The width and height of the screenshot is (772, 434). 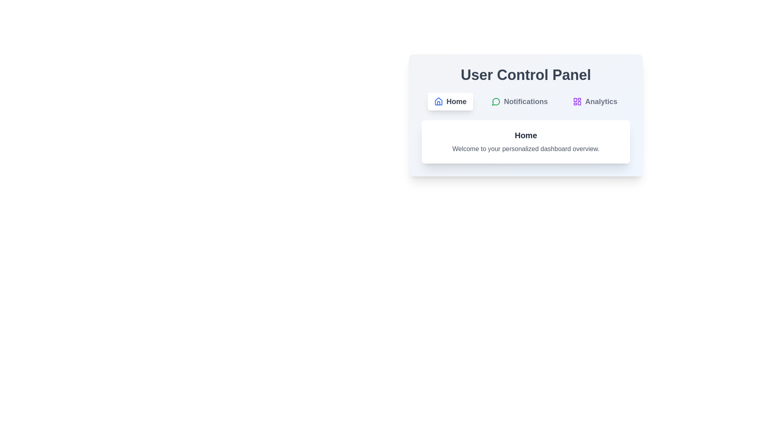 I want to click on the Home tab by clicking on its button, so click(x=450, y=101).